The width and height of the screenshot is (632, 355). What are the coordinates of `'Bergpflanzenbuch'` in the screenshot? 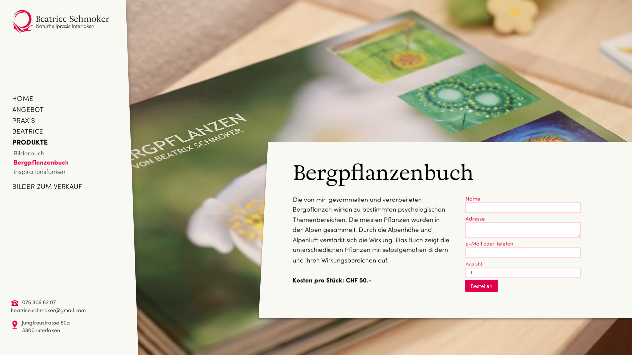 It's located at (41, 162).